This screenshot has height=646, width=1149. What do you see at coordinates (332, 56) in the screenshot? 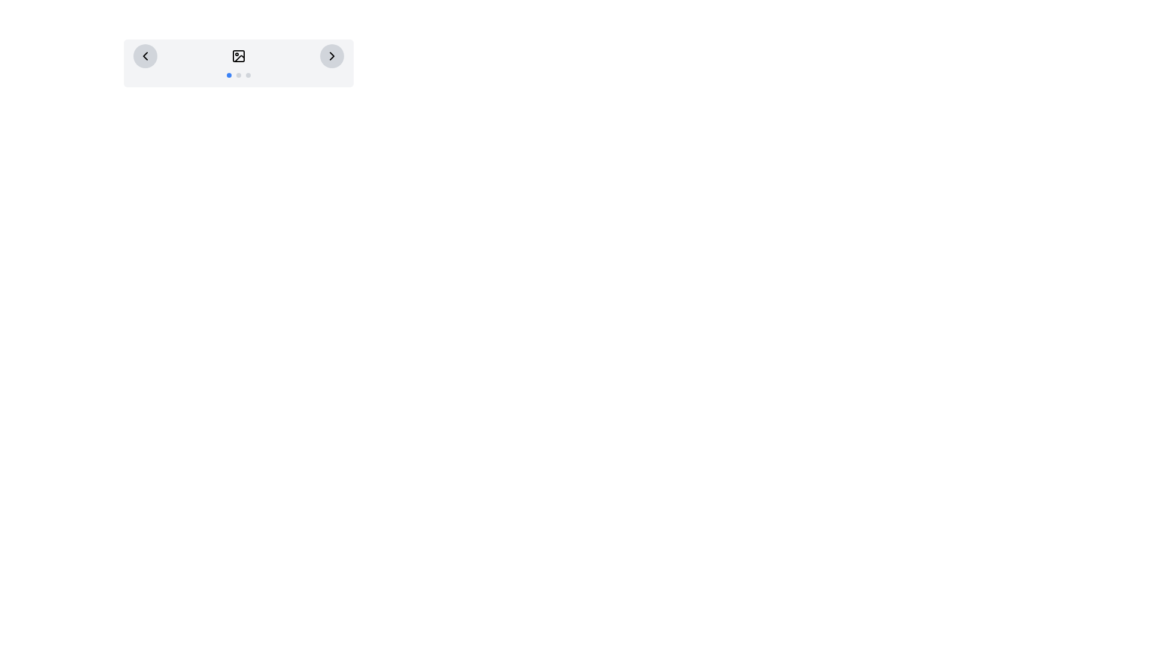
I see `the navigation icon located at the far right of the horizontal toolbar` at bounding box center [332, 56].